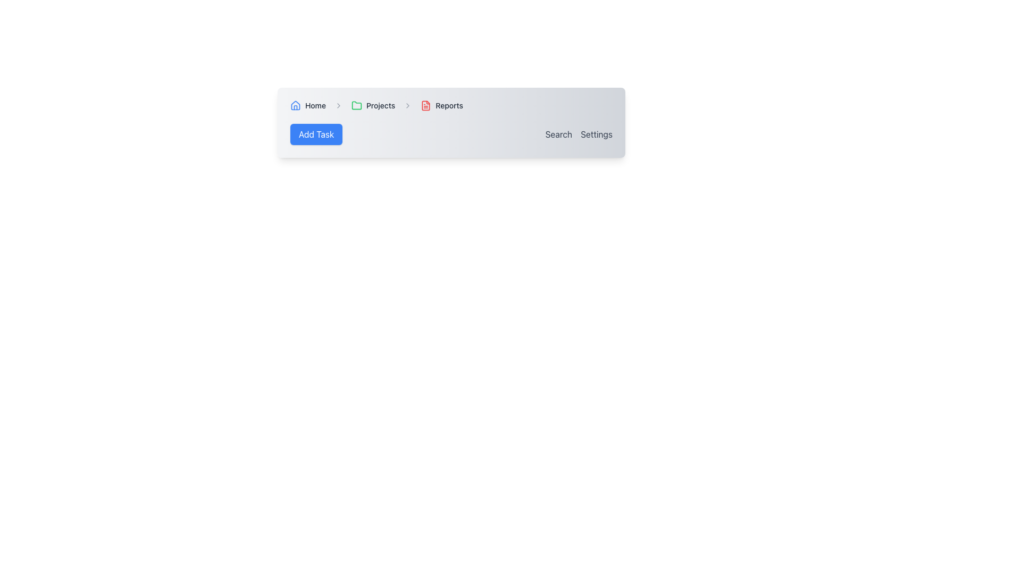 This screenshot has width=1021, height=574. I want to click on the 'Search' text link, which is styled in gray and changes shade on hover, positioned to the left of the 'Settings' text element, so click(558, 134).